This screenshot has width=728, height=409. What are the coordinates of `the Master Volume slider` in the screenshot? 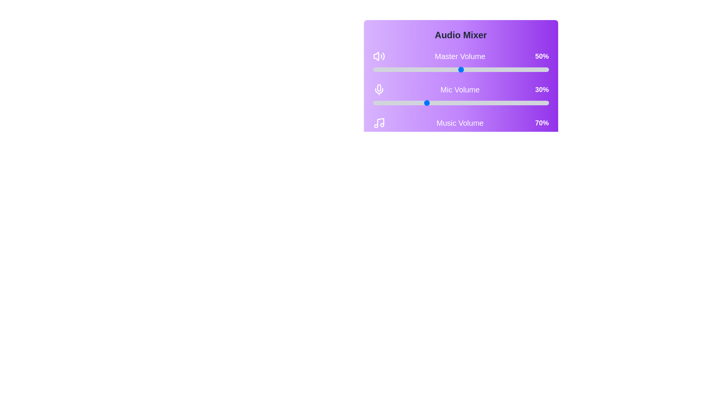 It's located at (431, 70).